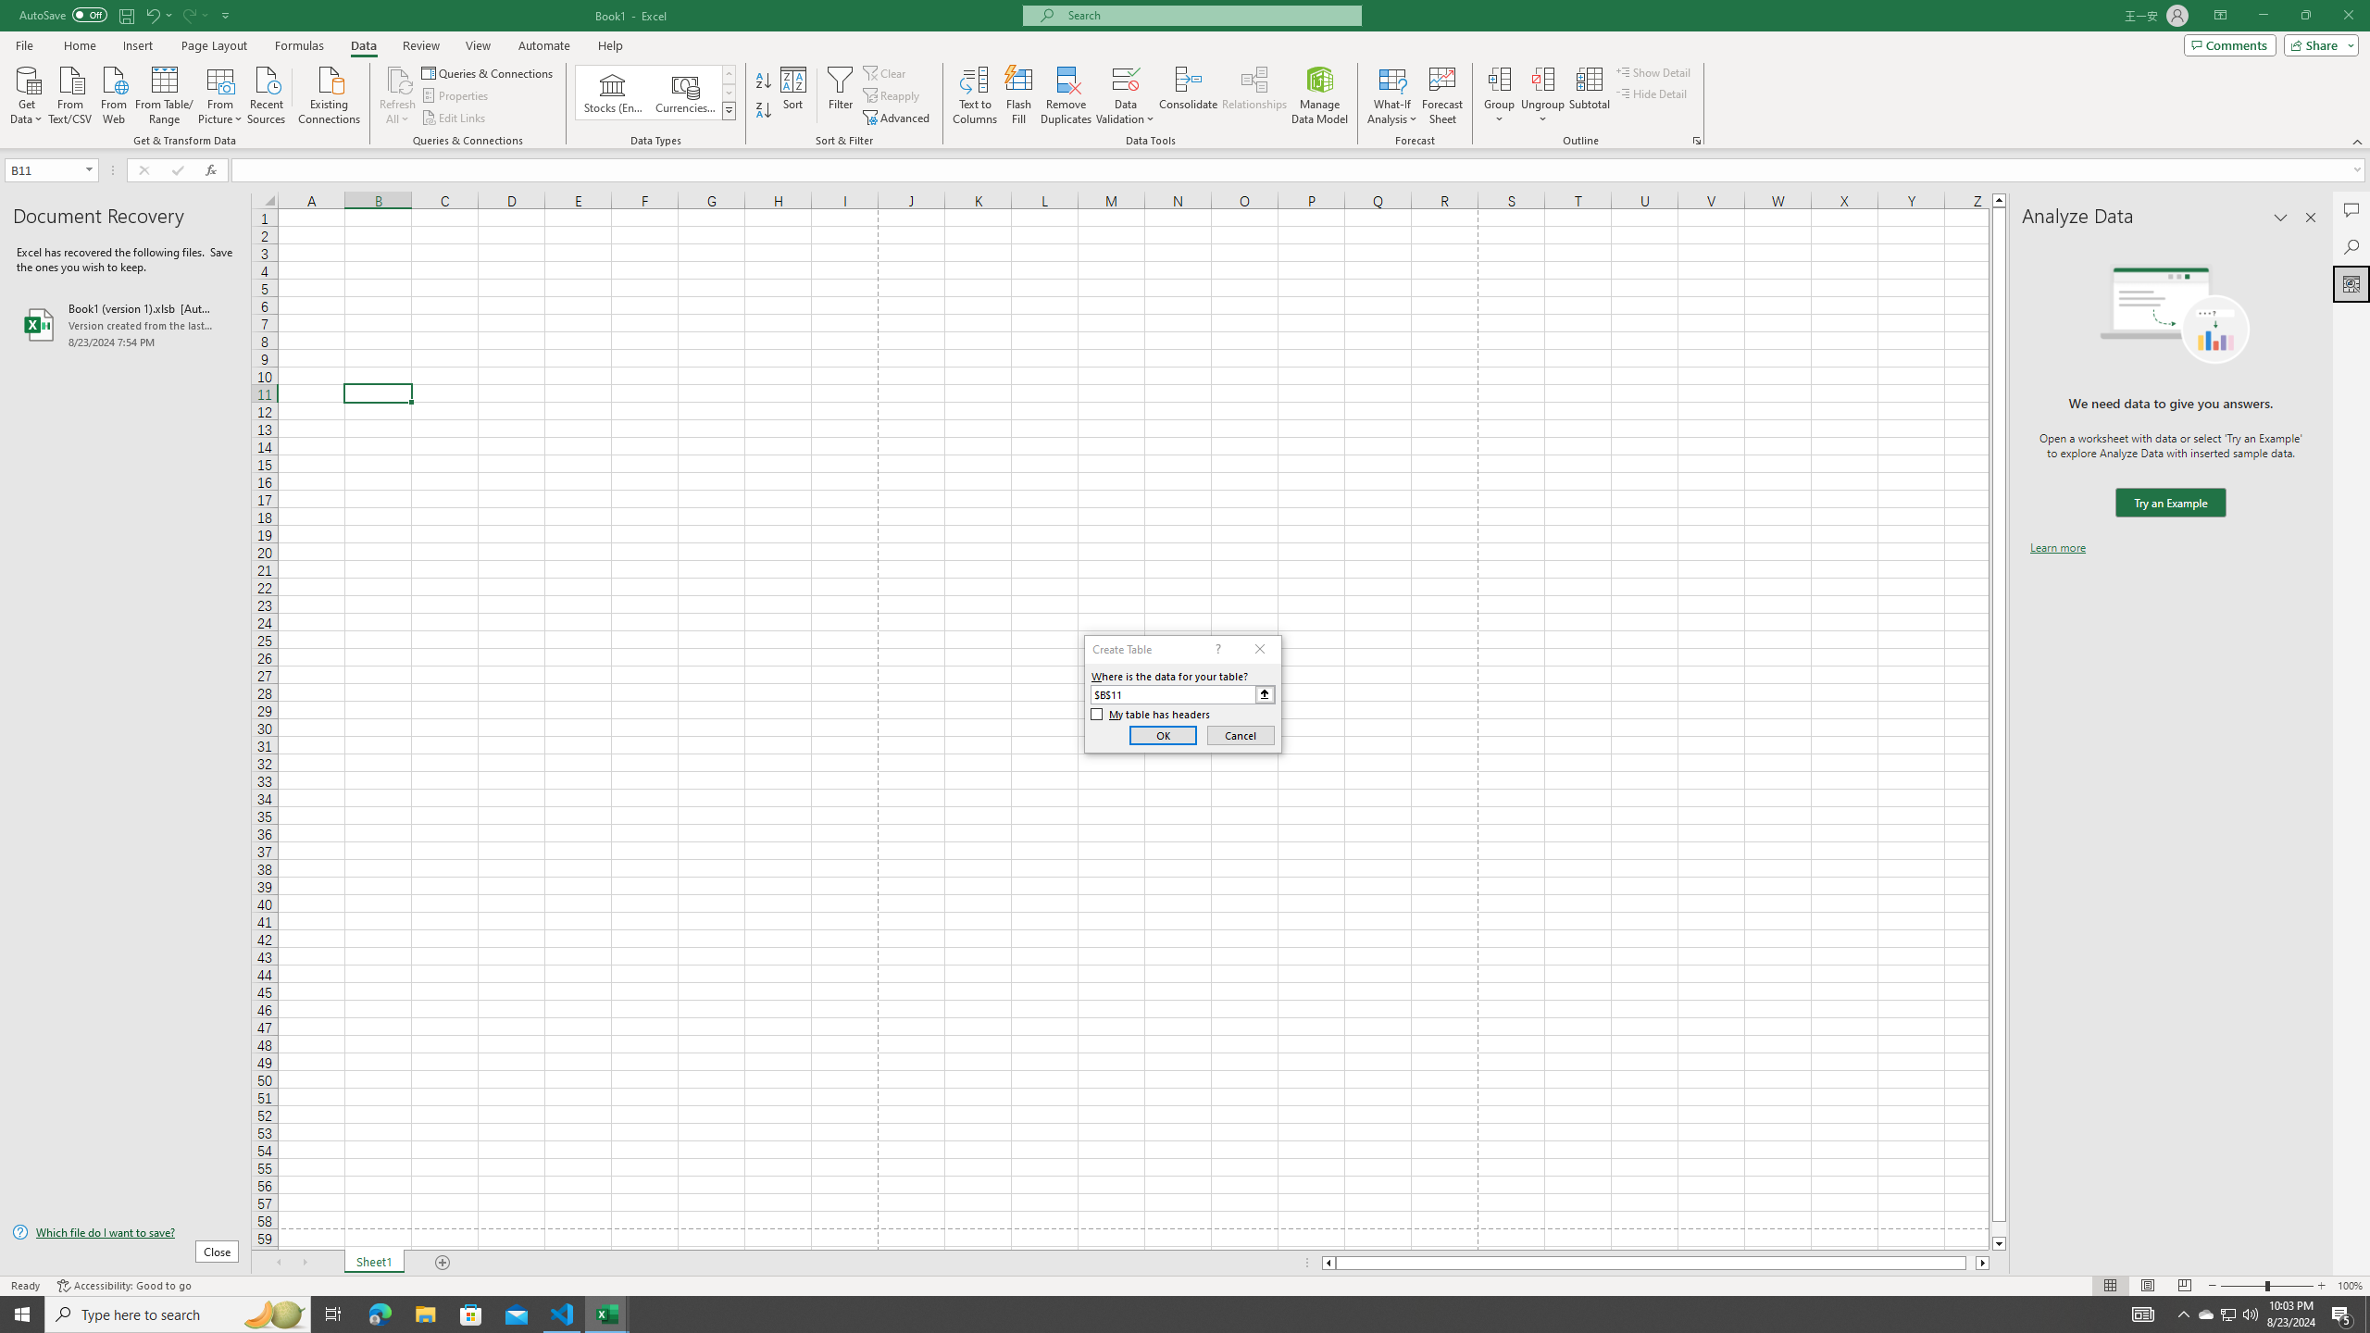  Describe the element at coordinates (1970, 1262) in the screenshot. I see `'Page right'` at that location.